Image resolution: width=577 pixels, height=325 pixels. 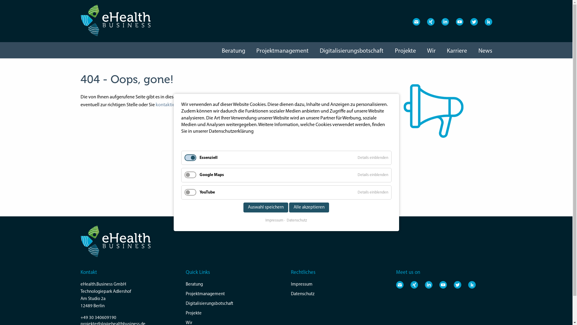 What do you see at coordinates (291, 284) in the screenshot?
I see `'Impressum'` at bounding box center [291, 284].